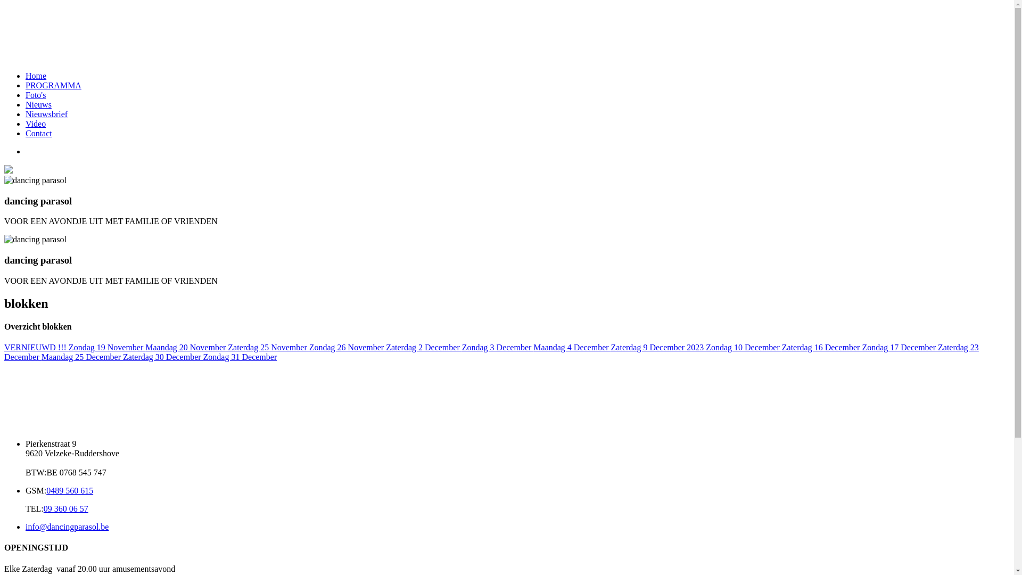 This screenshot has width=1022, height=575. Describe the element at coordinates (240, 357) in the screenshot. I see `'Zondag 31 December'` at that location.